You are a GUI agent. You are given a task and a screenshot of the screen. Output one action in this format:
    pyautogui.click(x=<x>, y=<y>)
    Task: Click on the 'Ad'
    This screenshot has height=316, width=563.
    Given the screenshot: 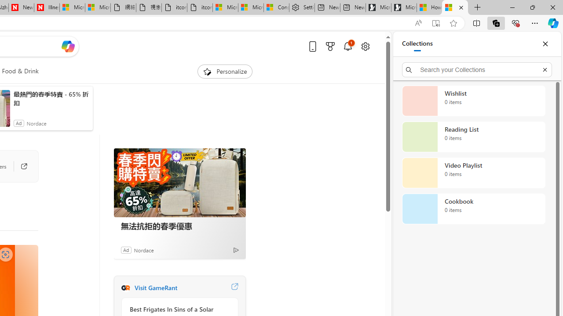 What is the action you would take?
    pyautogui.click(x=125, y=250)
    